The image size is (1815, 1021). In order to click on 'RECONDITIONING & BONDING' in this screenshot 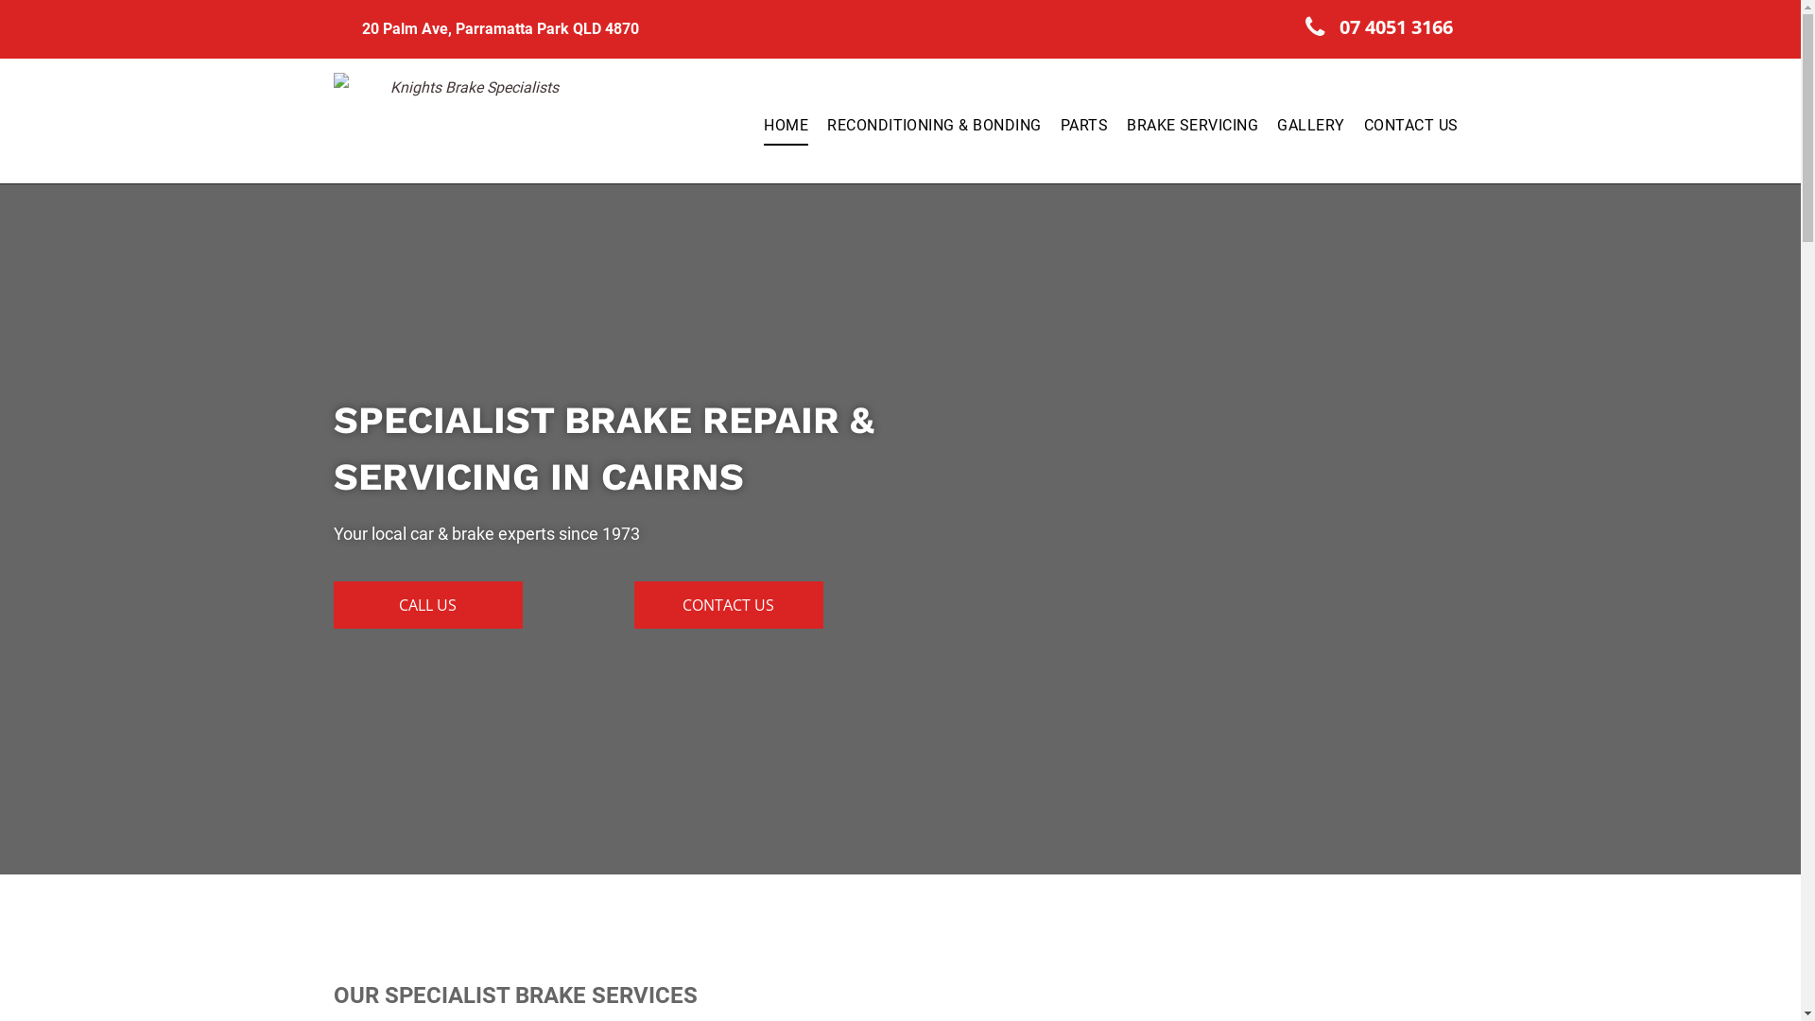, I will do `click(817, 125)`.